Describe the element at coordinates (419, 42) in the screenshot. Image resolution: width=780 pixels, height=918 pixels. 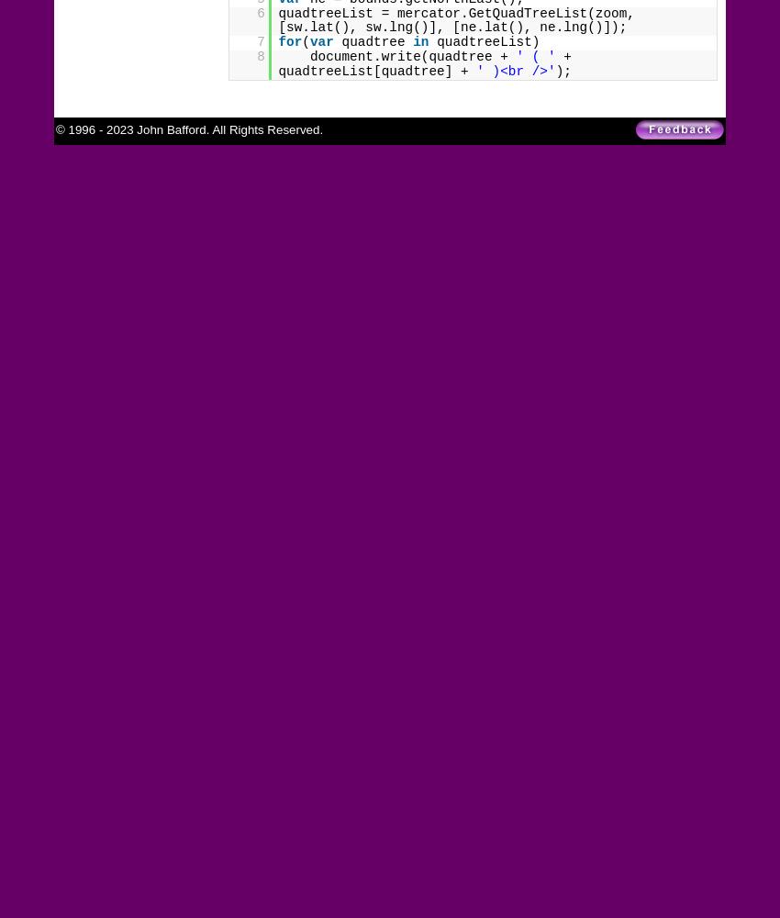
I see `'in'` at that location.